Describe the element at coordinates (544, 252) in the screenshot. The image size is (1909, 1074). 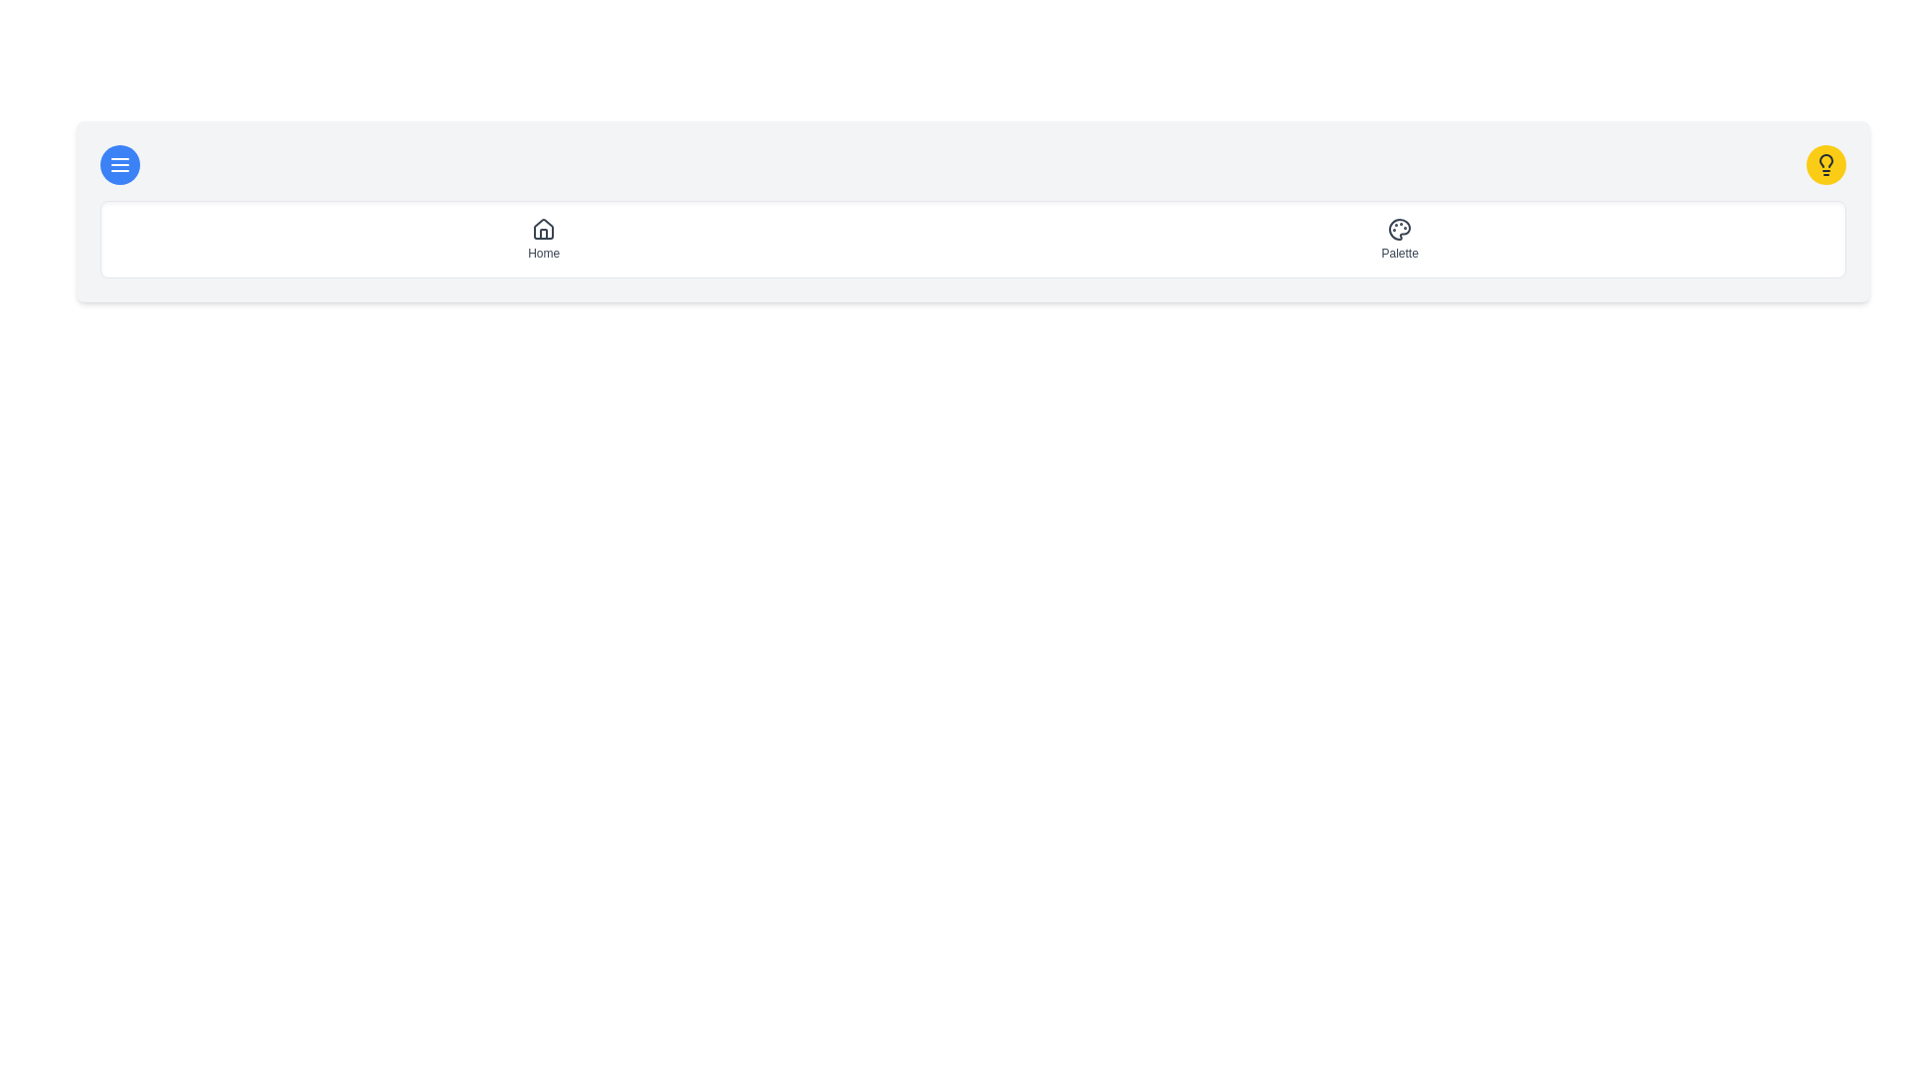
I see `the 'Home' text label, which is styled with gray text color and located below the house icon in the vertical layout` at that location.